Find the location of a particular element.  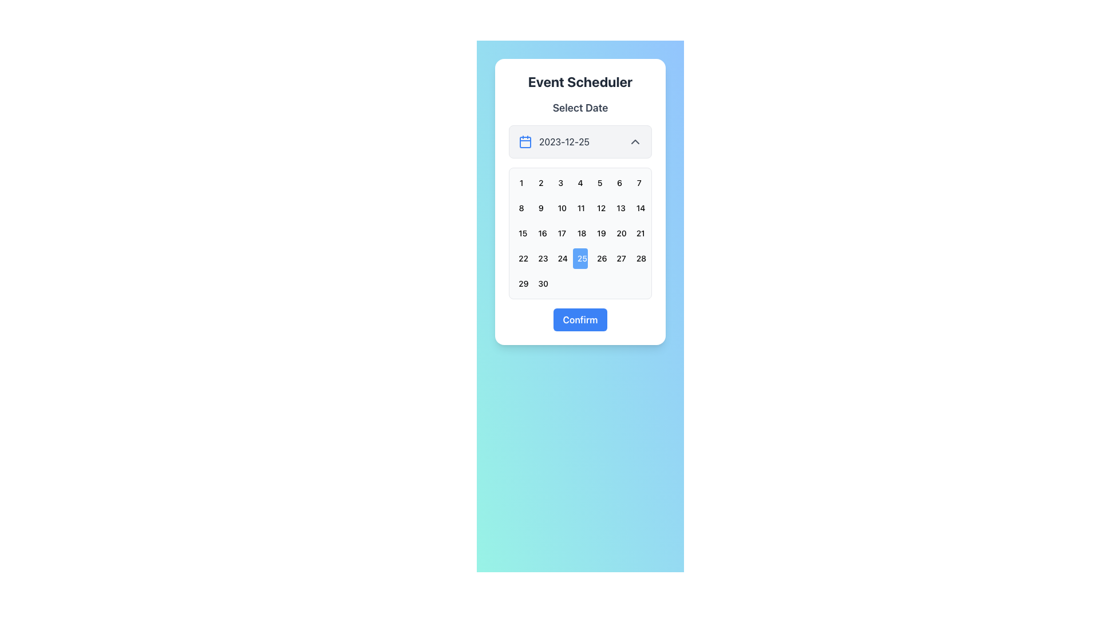

the text-based button labeled '20' located is located at coordinates (619, 233).